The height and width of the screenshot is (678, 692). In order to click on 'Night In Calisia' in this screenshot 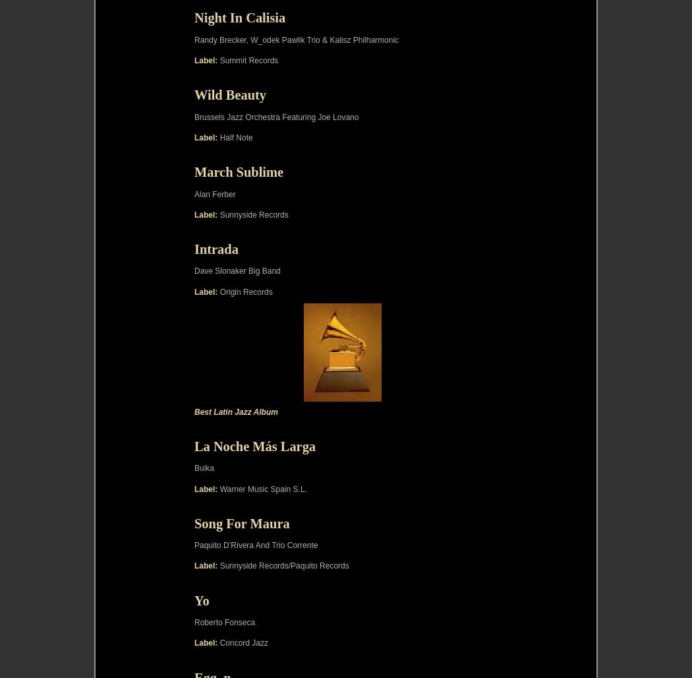, I will do `click(239, 18)`.